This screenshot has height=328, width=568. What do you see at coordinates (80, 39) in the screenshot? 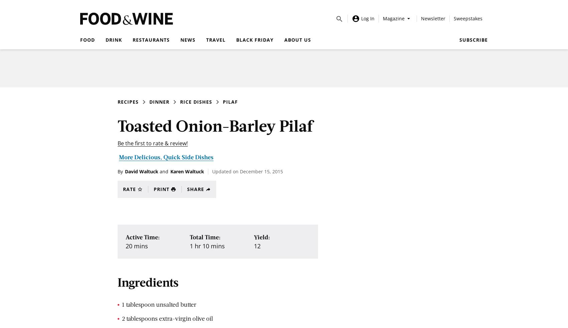
I see `'Food'` at bounding box center [80, 39].